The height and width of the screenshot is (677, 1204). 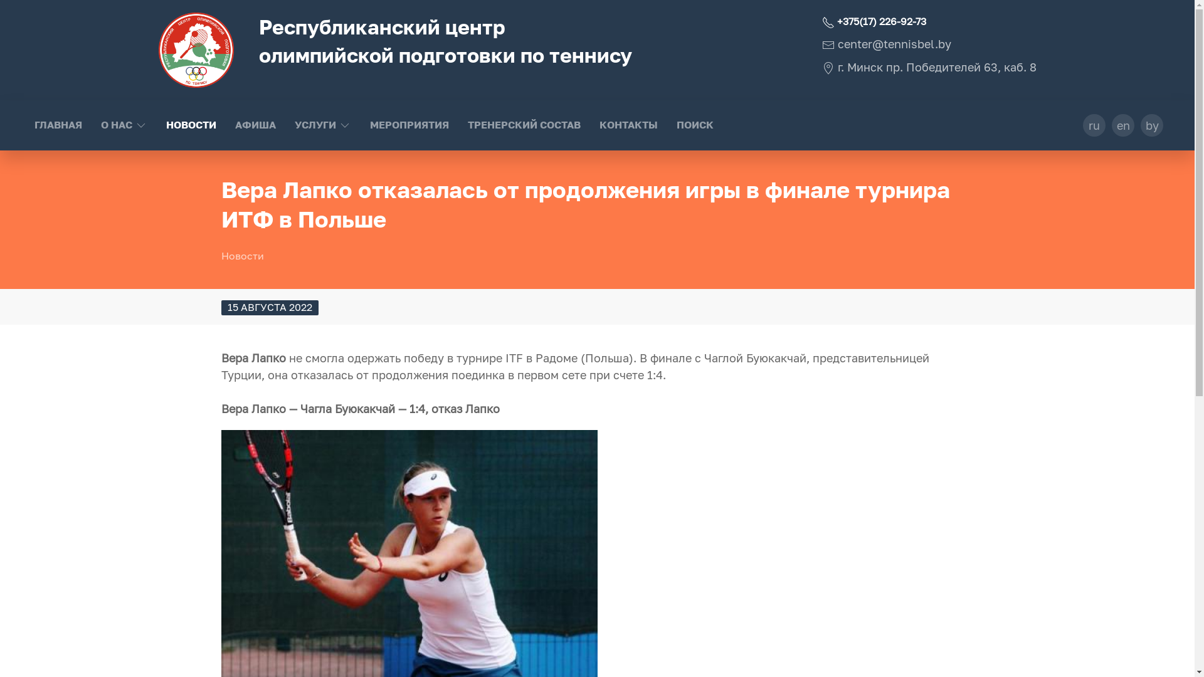 What do you see at coordinates (821, 21) in the screenshot?
I see `'+375(17) 226-92-73'` at bounding box center [821, 21].